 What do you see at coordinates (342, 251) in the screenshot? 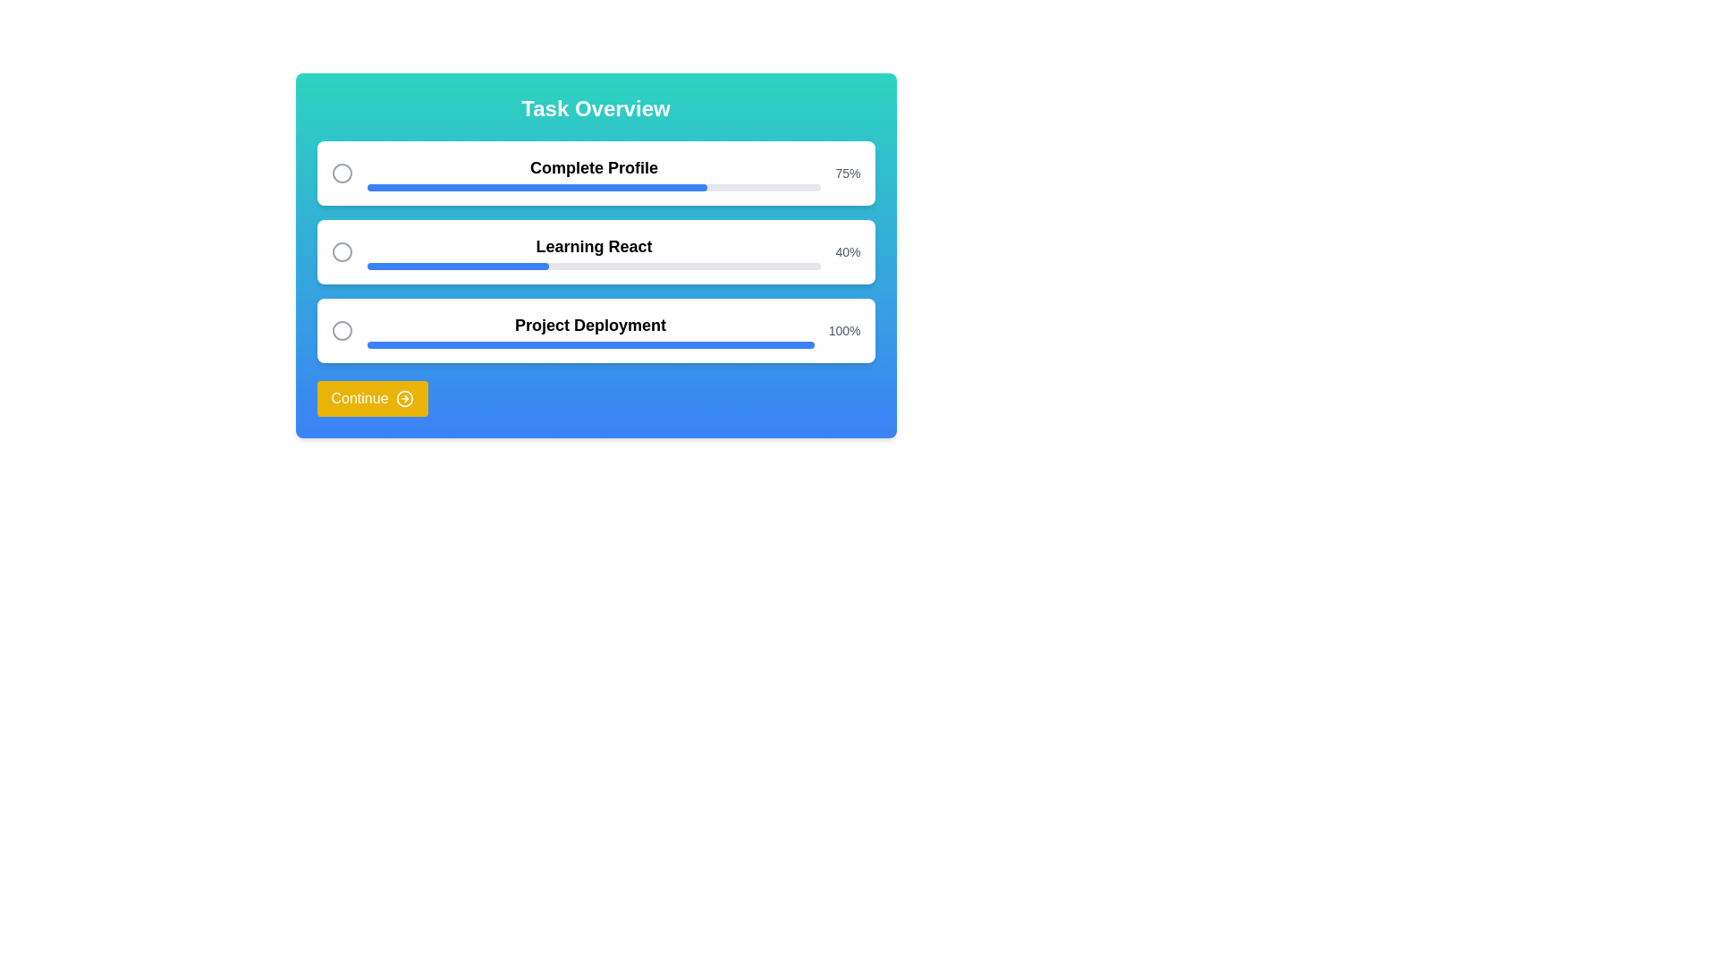
I see `the circular milestone indicator icon, which is the second circle in the progress-tracking list next to the 'Learning React' progress bar text` at bounding box center [342, 251].